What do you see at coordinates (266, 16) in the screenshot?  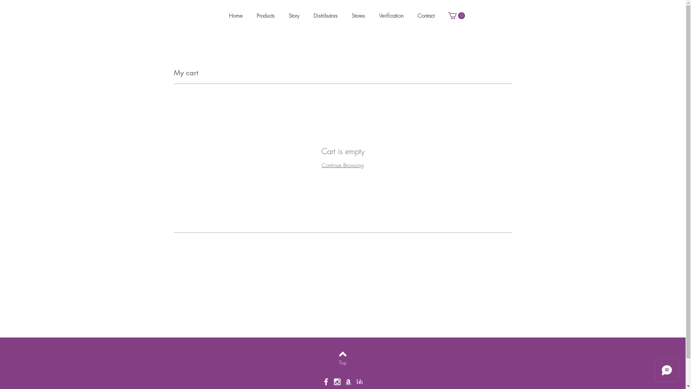 I see `'Products'` at bounding box center [266, 16].